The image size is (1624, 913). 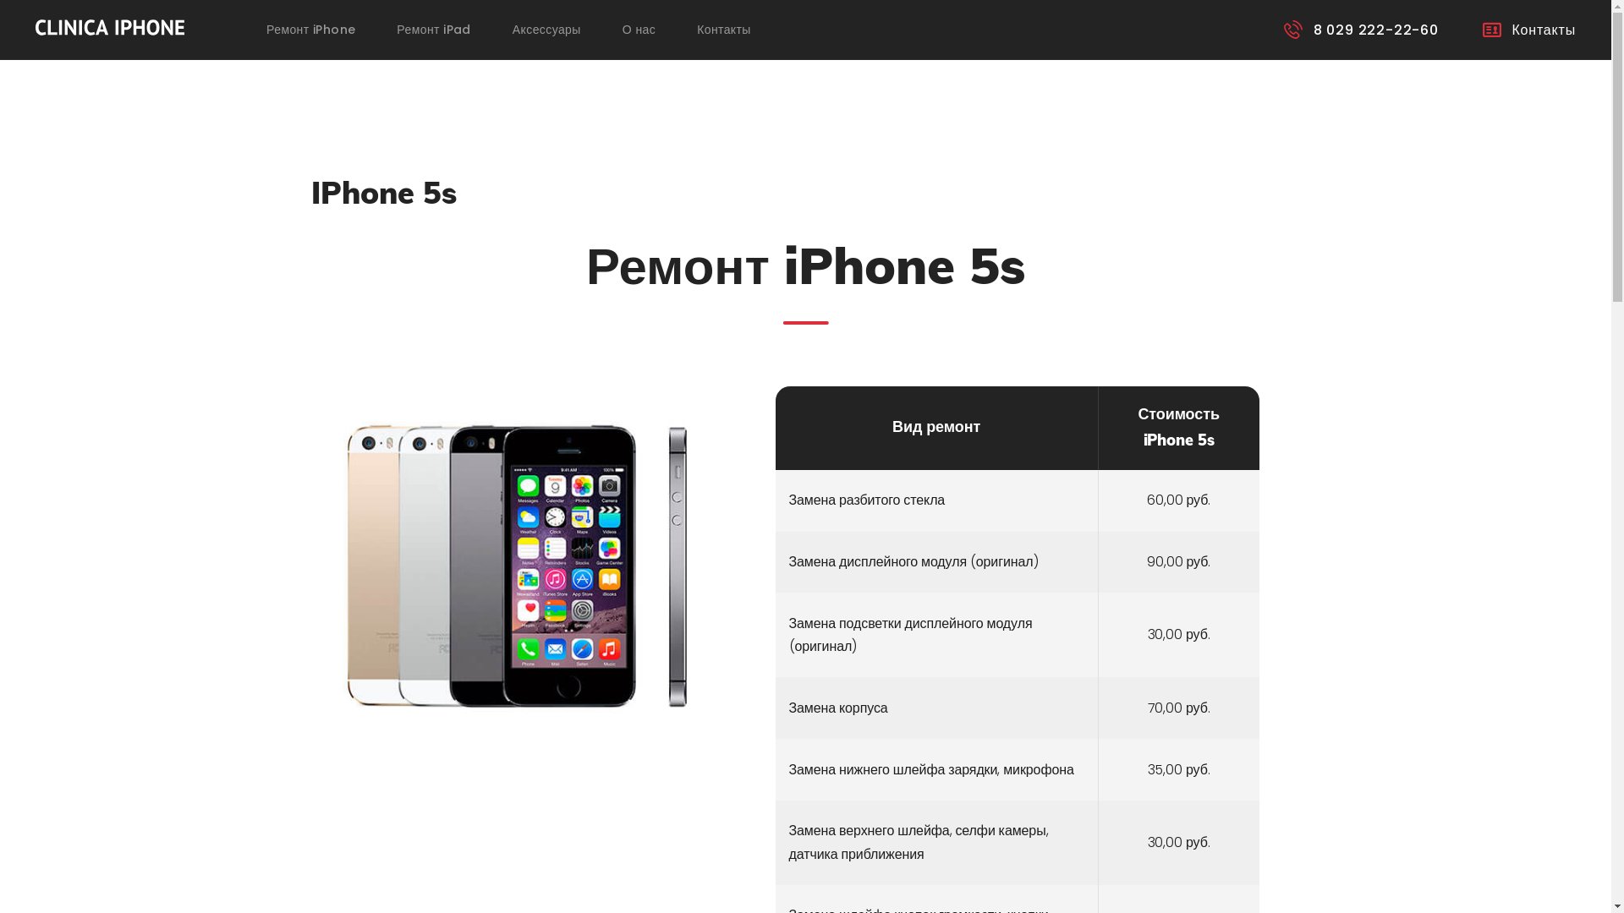 I want to click on '8 029 222-22-60', so click(x=1361, y=29).